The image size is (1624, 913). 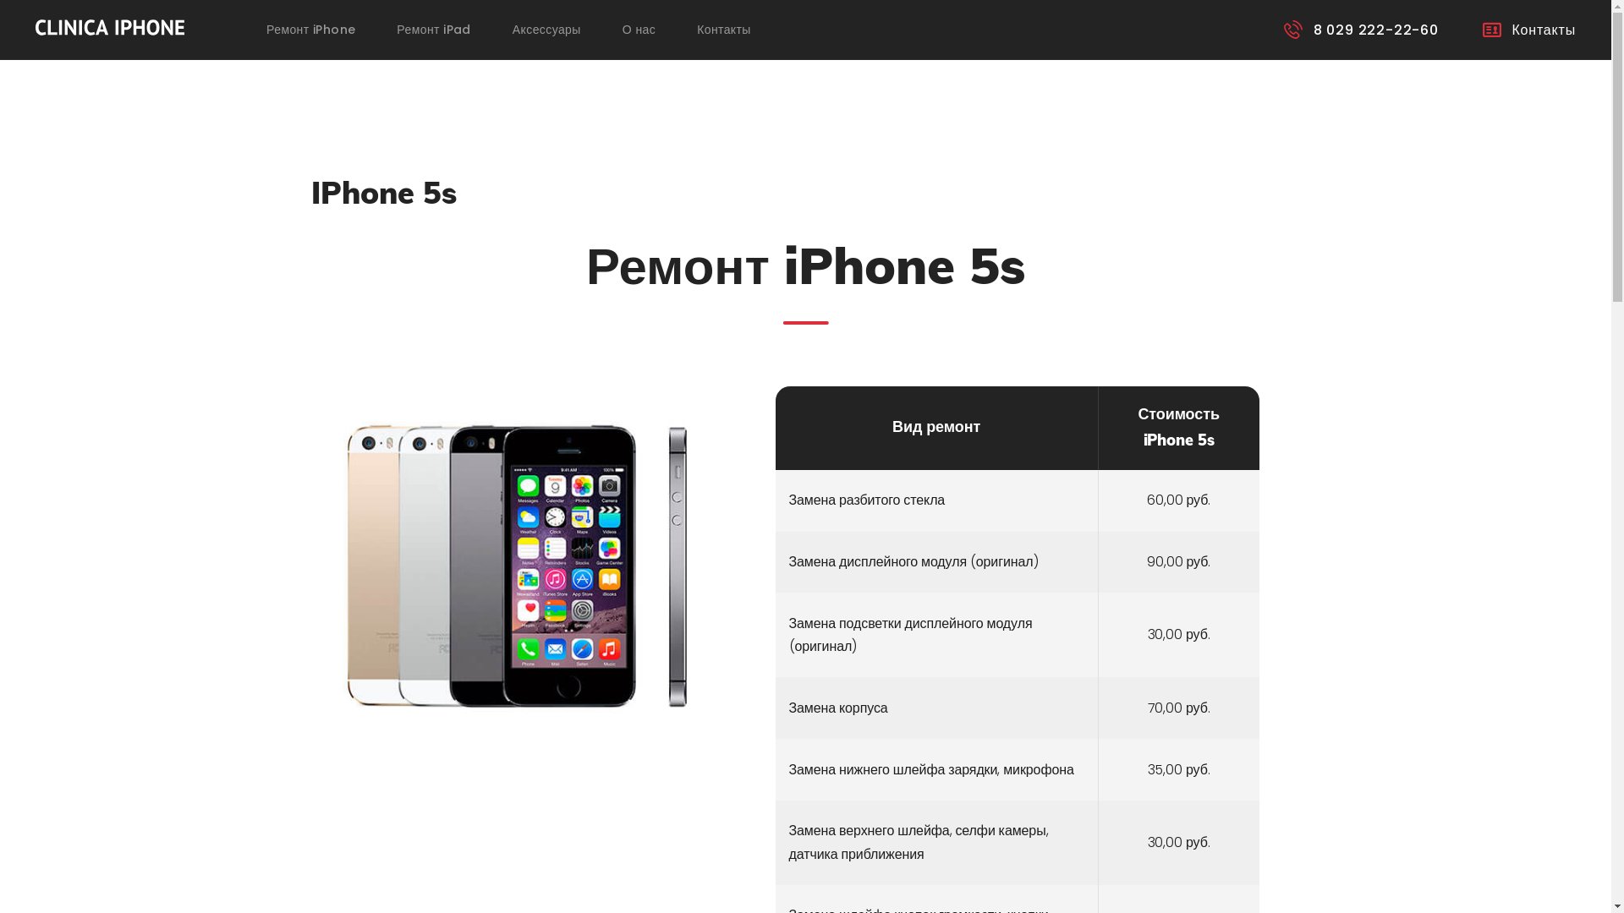 I want to click on '8 029 222-22-60', so click(x=1361, y=29).